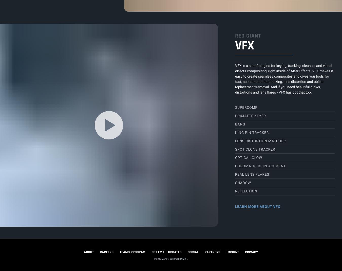 Image resolution: width=342 pixels, height=271 pixels. What do you see at coordinates (260, 141) in the screenshot?
I see `'Lens Distortion Matcher'` at bounding box center [260, 141].